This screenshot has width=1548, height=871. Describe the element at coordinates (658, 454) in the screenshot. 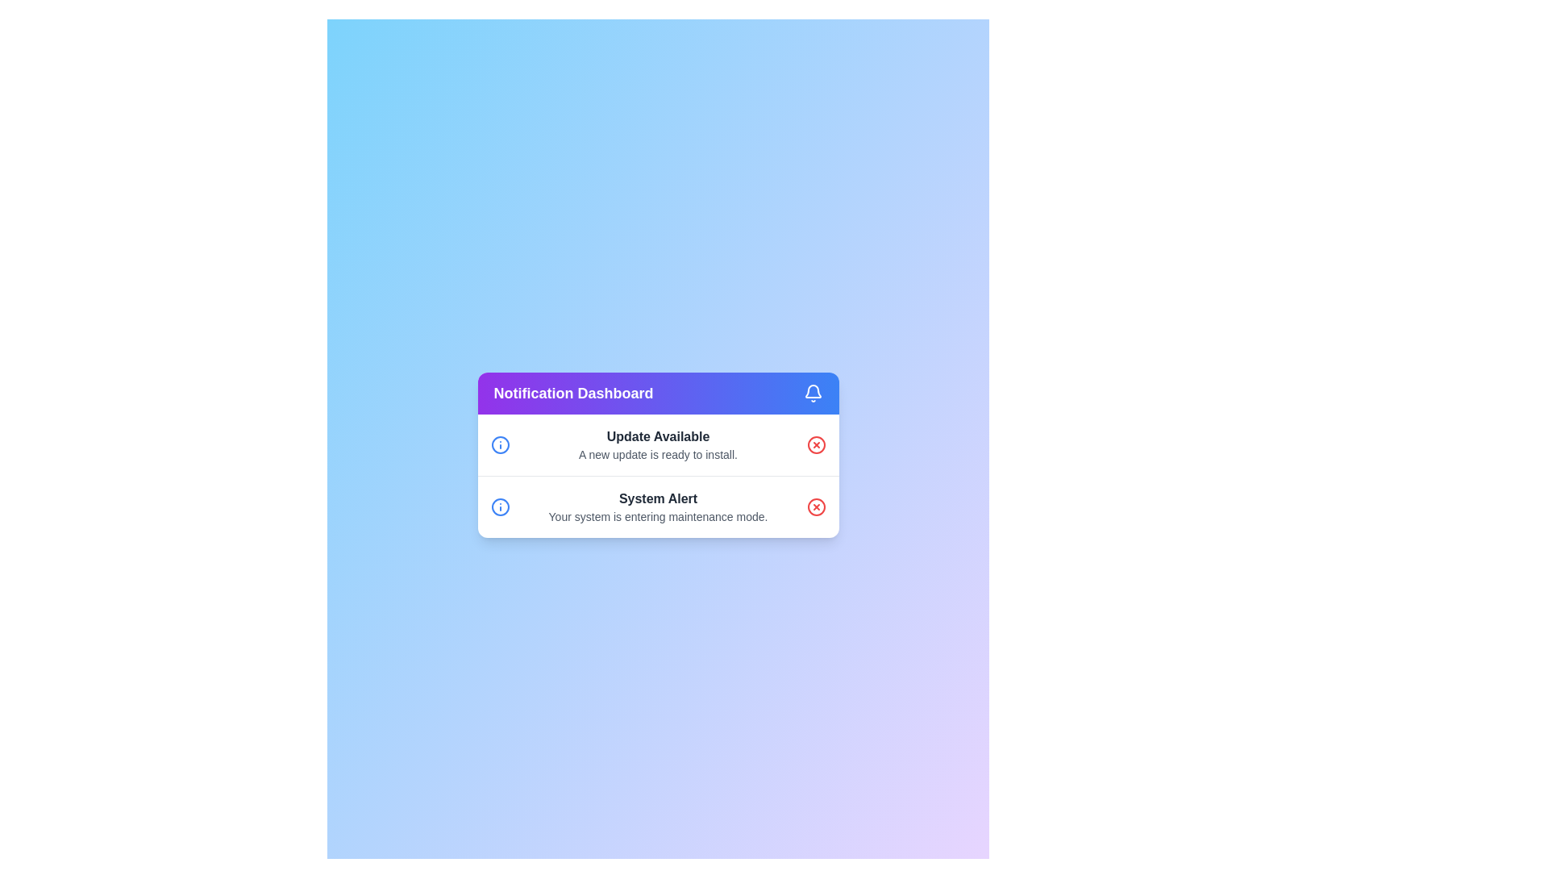

I see `the text label reading 'A new update is ready to install.' which is styled in a small-sized gray font and is located beneath the bolded label 'Update Available'` at that location.